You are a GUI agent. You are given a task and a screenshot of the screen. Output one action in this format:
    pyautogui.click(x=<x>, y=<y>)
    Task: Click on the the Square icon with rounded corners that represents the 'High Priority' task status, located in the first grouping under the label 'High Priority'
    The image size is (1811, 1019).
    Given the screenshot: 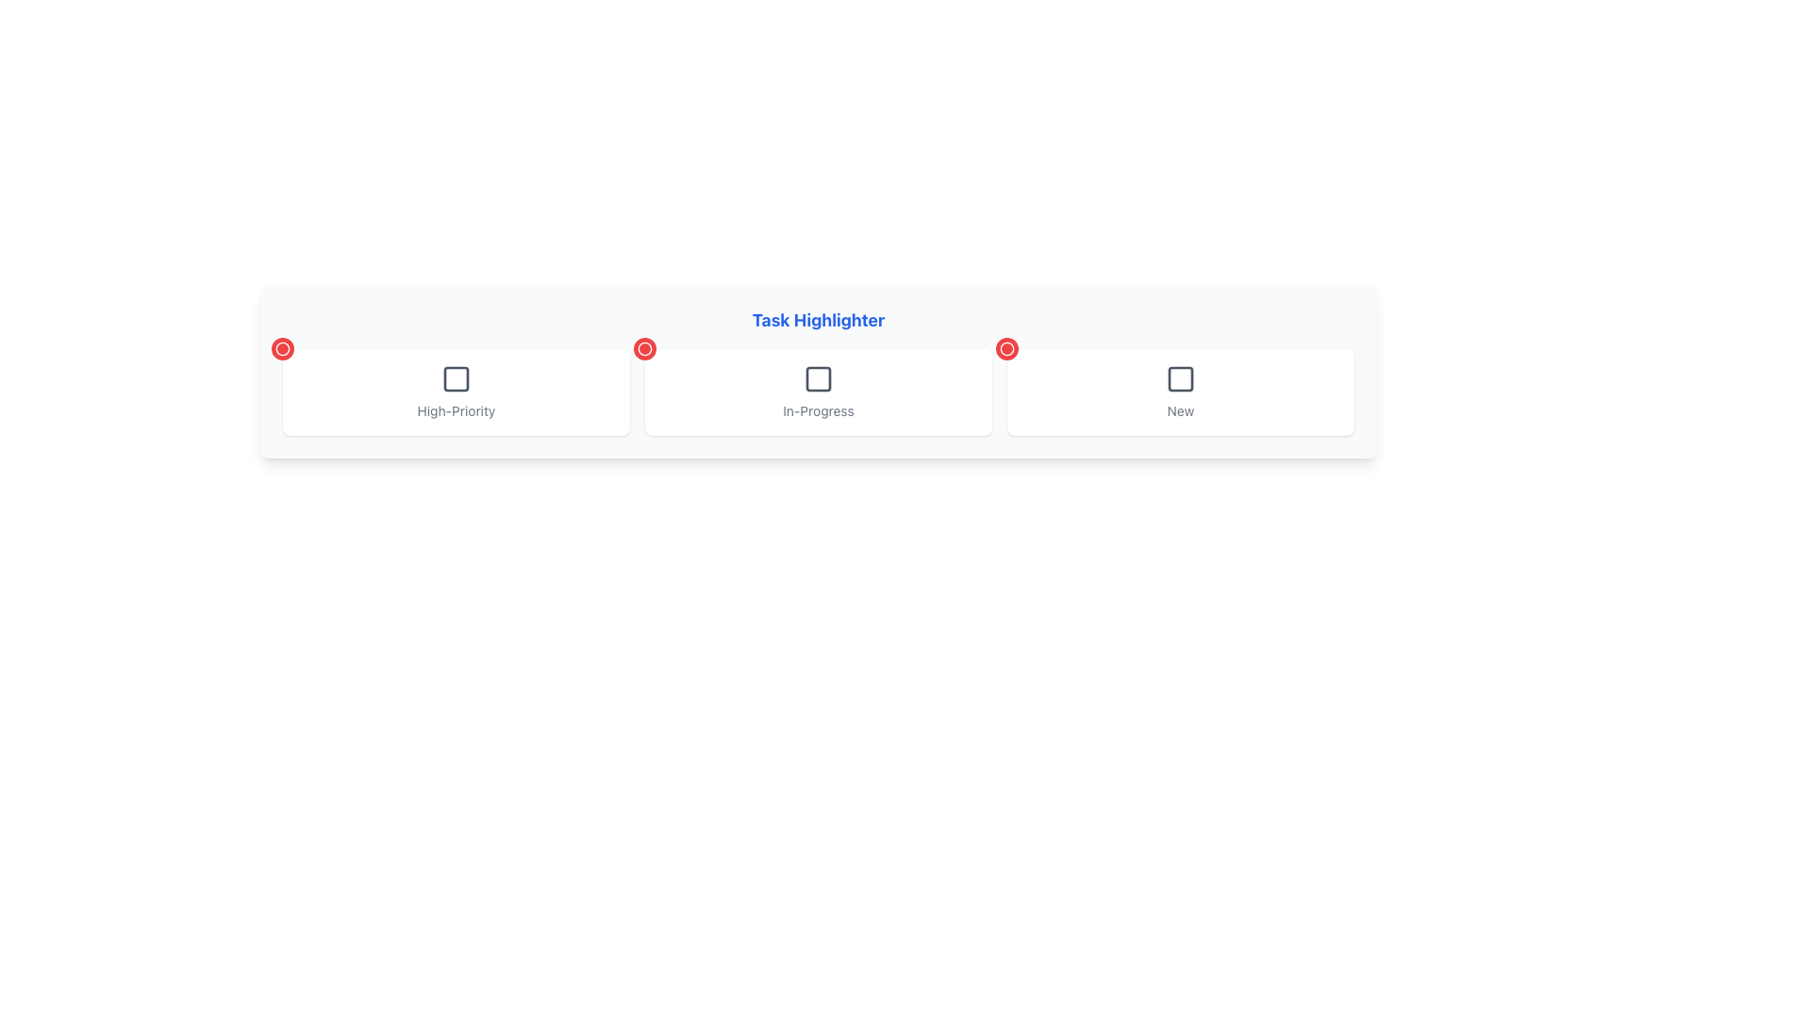 What is the action you would take?
    pyautogui.click(x=457, y=378)
    